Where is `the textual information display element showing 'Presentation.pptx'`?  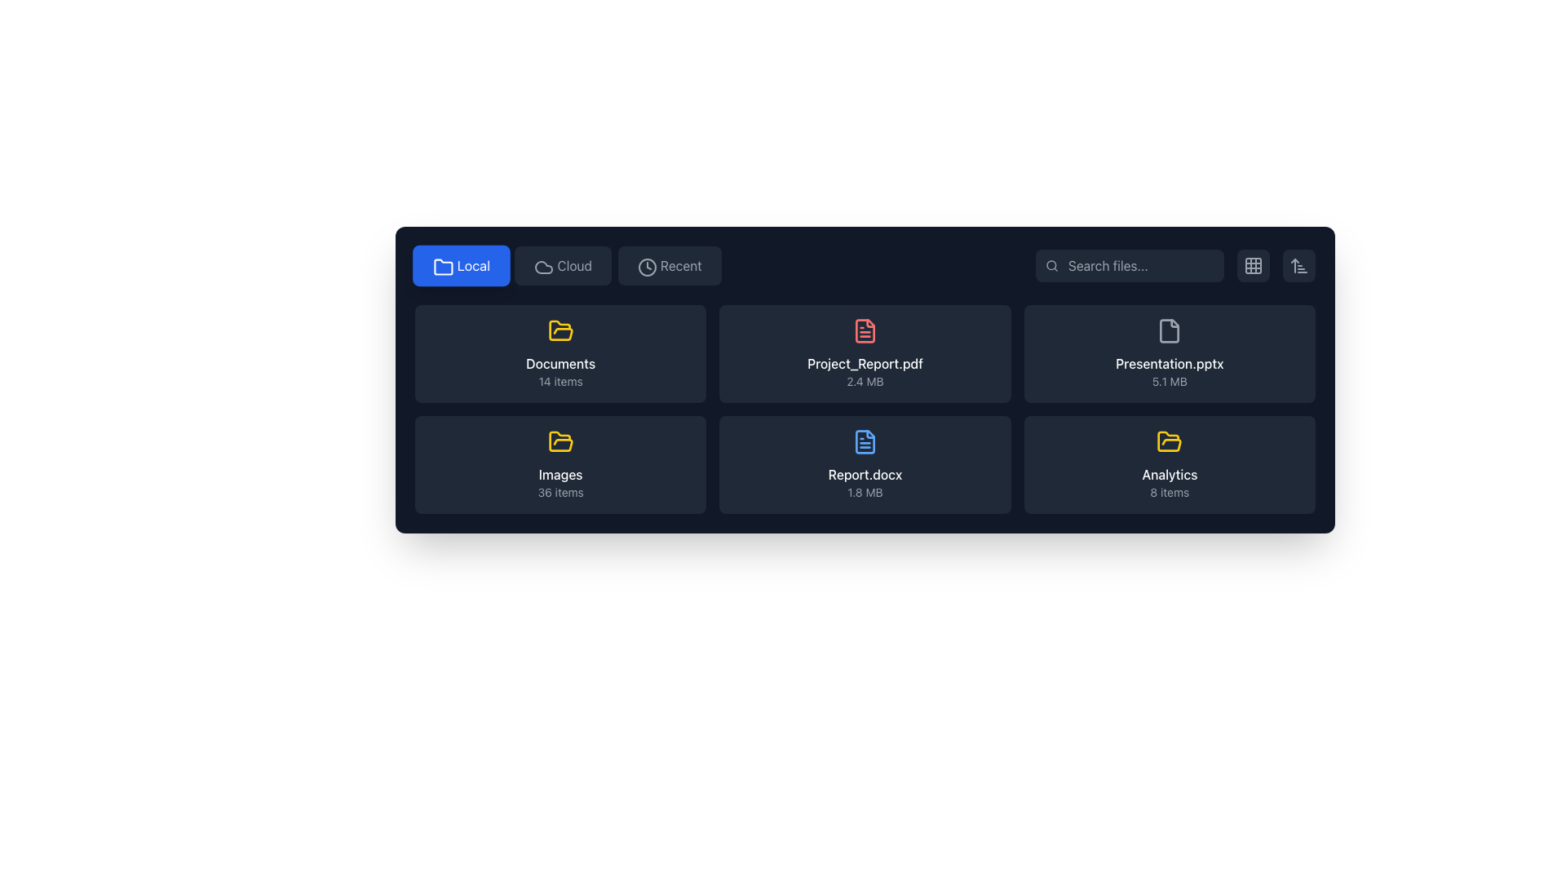
the textual information display element showing 'Presentation.pptx' is located at coordinates (1169, 371).